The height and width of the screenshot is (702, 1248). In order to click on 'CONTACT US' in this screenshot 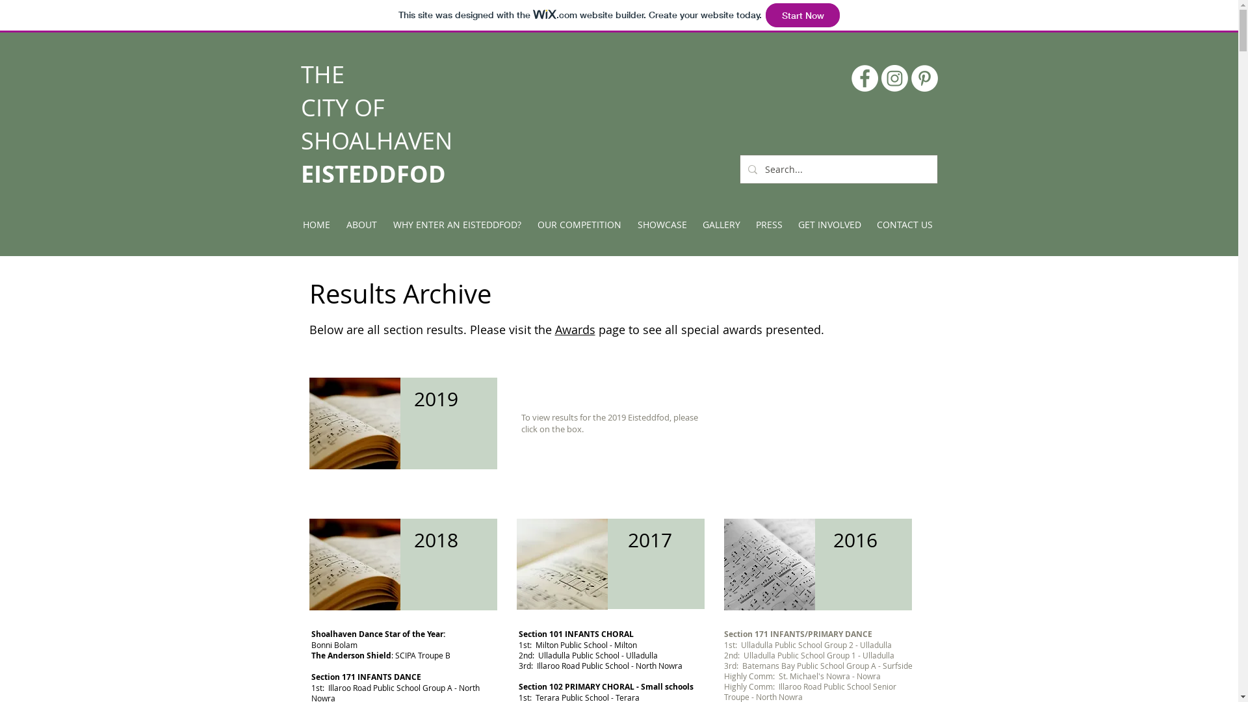, I will do `click(904, 224)`.